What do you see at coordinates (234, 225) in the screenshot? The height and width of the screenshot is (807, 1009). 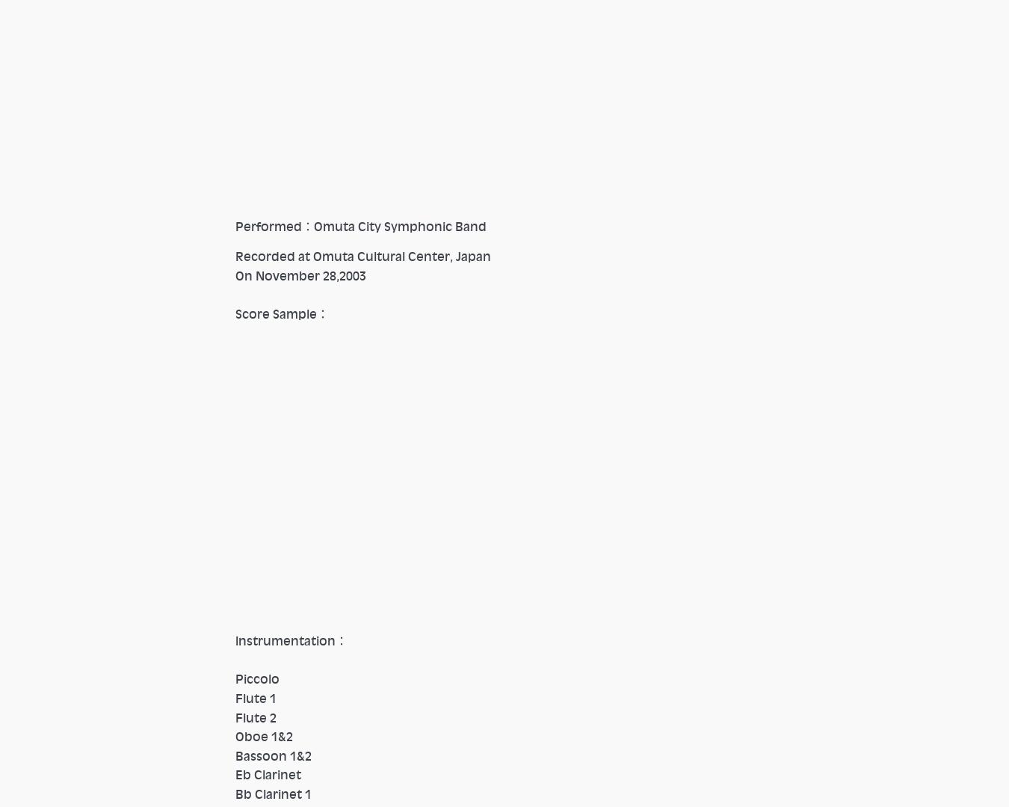 I see `'Performed：Omuta City Symphonic Band'` at bounding box center [234, 225].